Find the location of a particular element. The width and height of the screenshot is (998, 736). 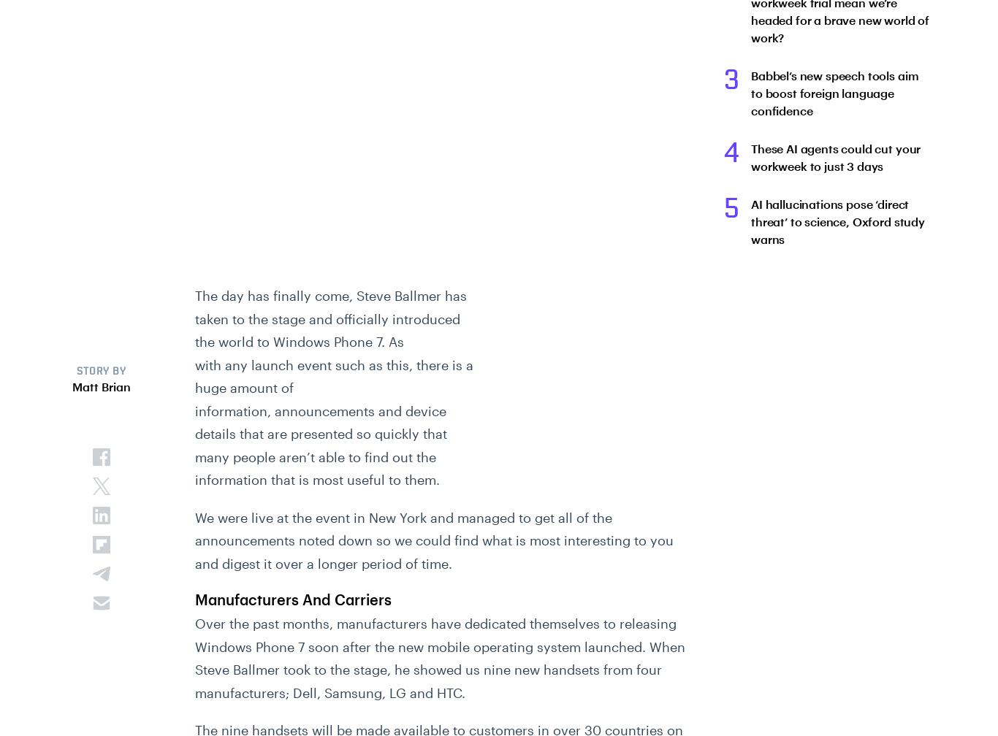

'Manufacturers And Carriers' is located at coordinates (195, 599).